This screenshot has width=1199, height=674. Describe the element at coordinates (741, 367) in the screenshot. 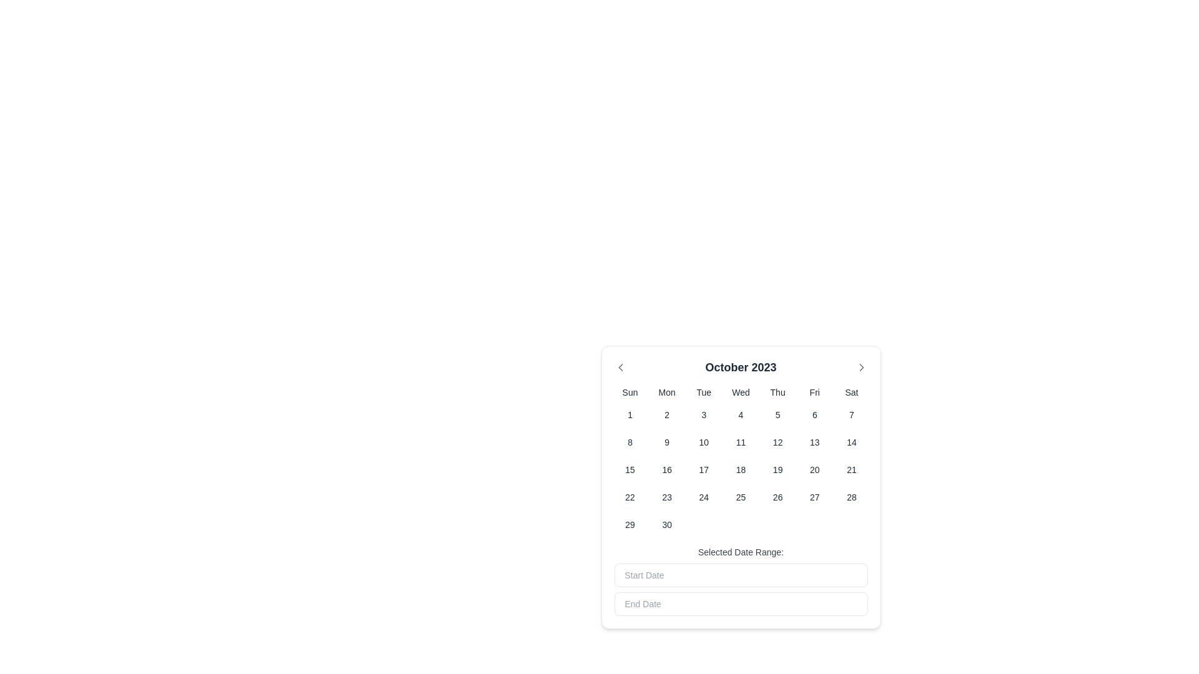

I see `the header text displaying the current month and year in the calendar interface` at that location.